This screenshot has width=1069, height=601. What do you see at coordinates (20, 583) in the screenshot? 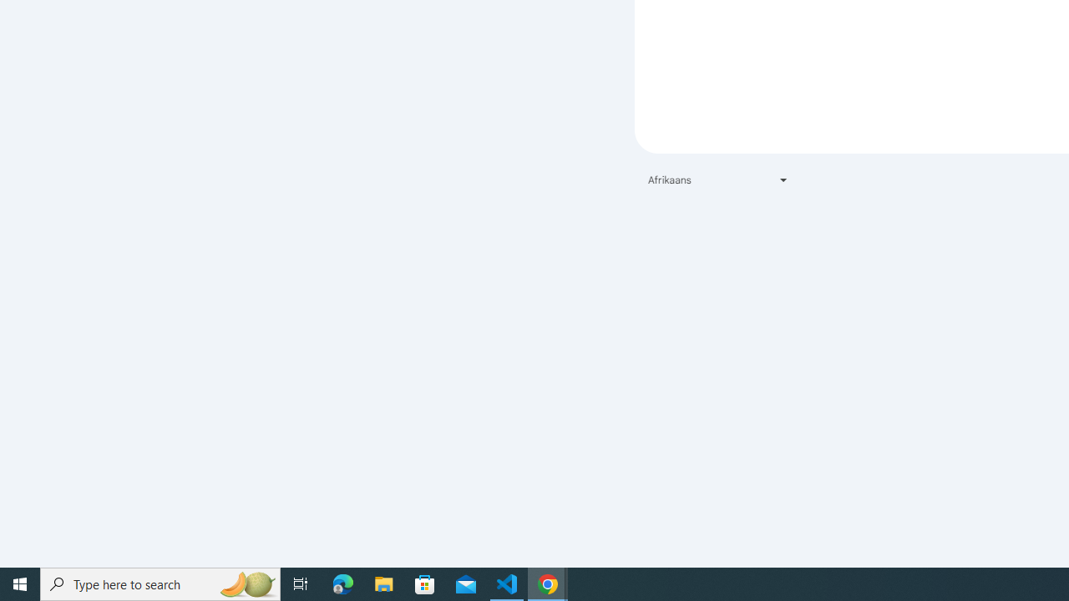
I see `'Start'` at bounding box center [20, 583].